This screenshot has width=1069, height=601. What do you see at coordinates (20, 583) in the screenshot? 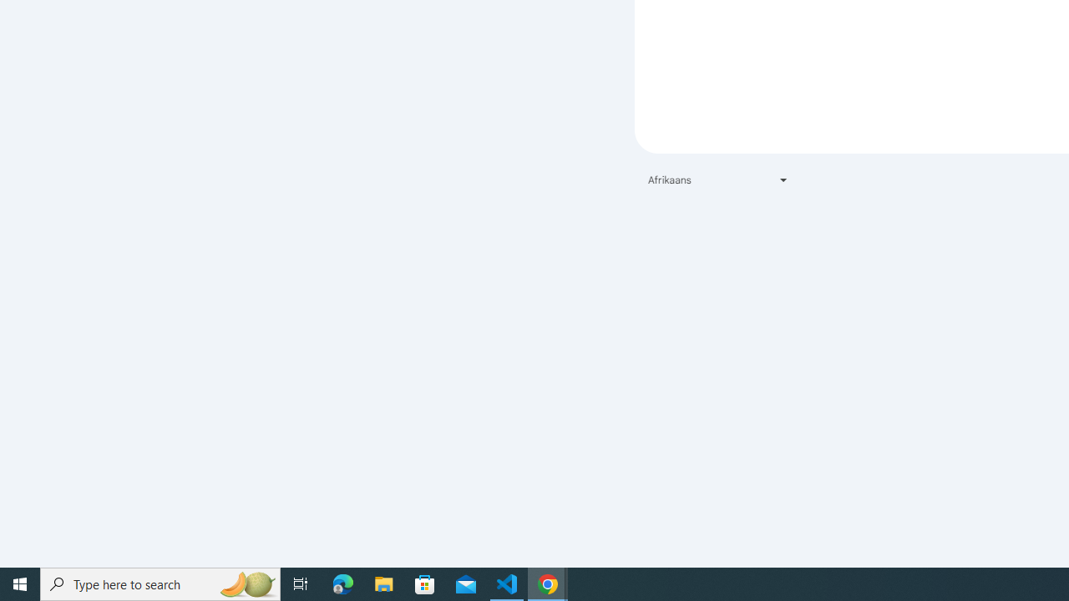
I see `'Start'` at bounding box center [20, 583].